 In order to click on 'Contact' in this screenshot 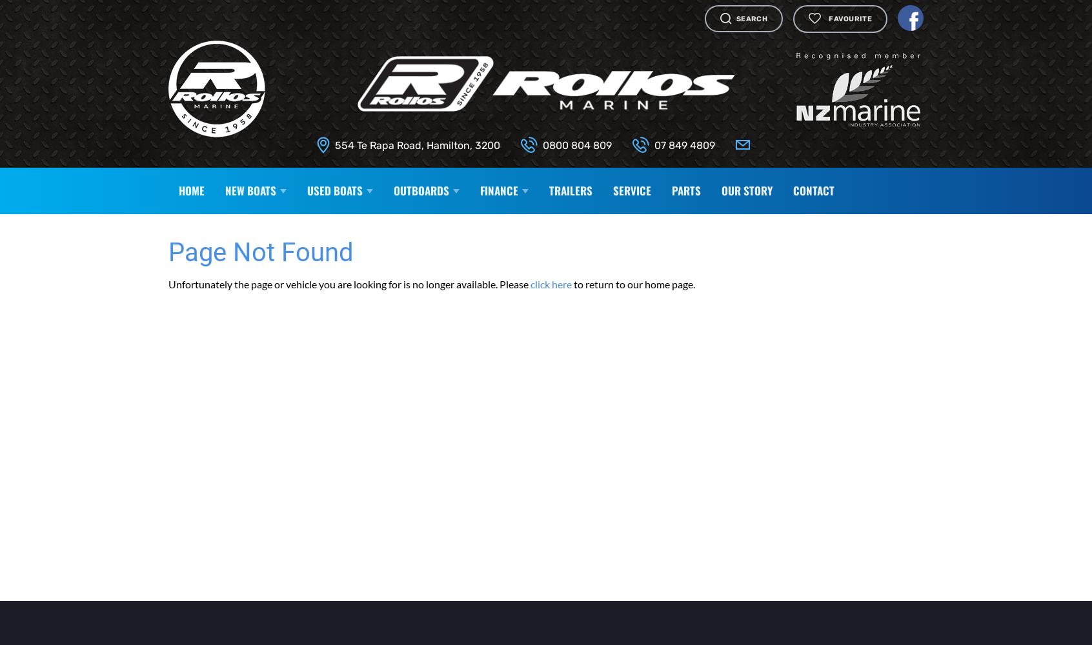, I will do `click(814, 190)`.